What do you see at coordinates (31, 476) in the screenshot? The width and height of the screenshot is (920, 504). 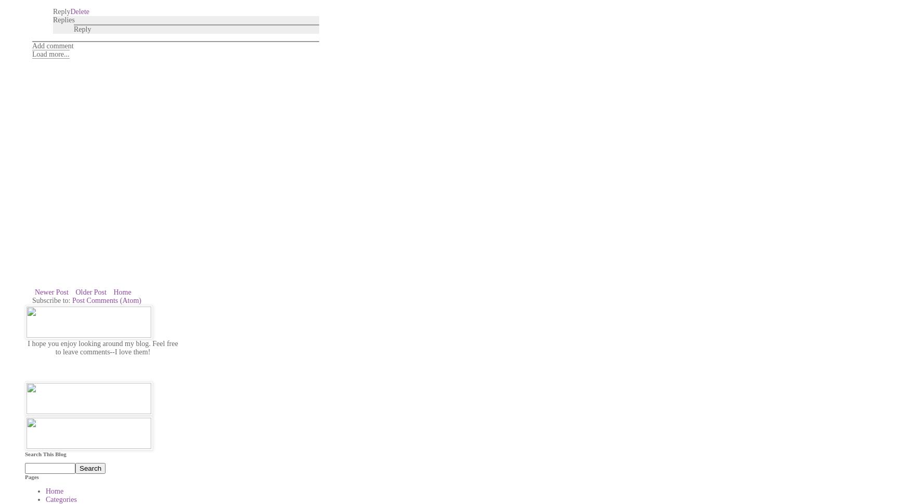 I see `'Pages'` at bounding box center [31, 476].